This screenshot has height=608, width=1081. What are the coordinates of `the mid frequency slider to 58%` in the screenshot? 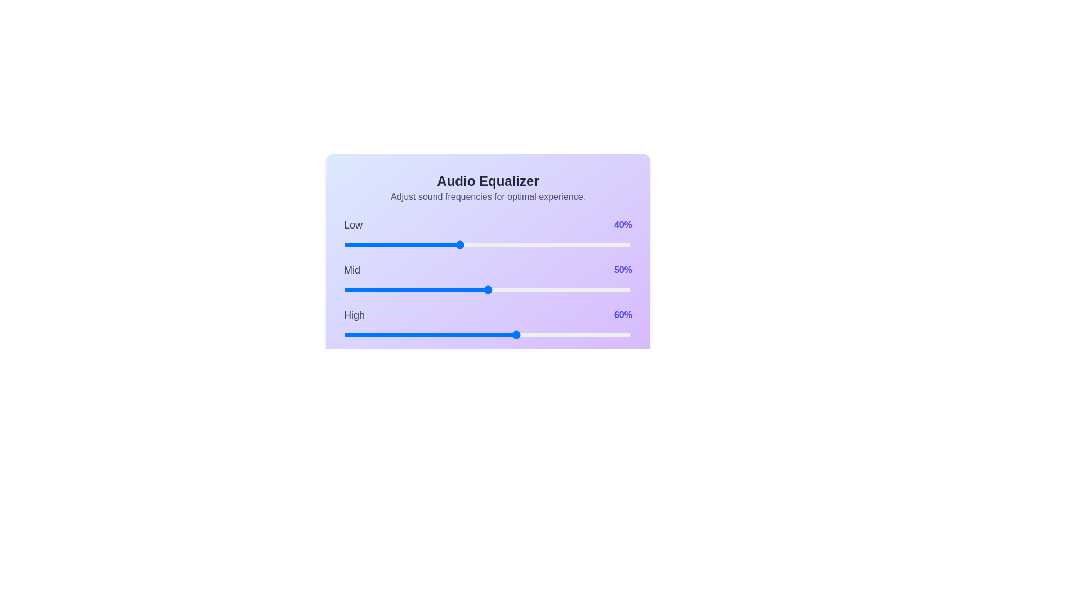 It's located at (510, 289).